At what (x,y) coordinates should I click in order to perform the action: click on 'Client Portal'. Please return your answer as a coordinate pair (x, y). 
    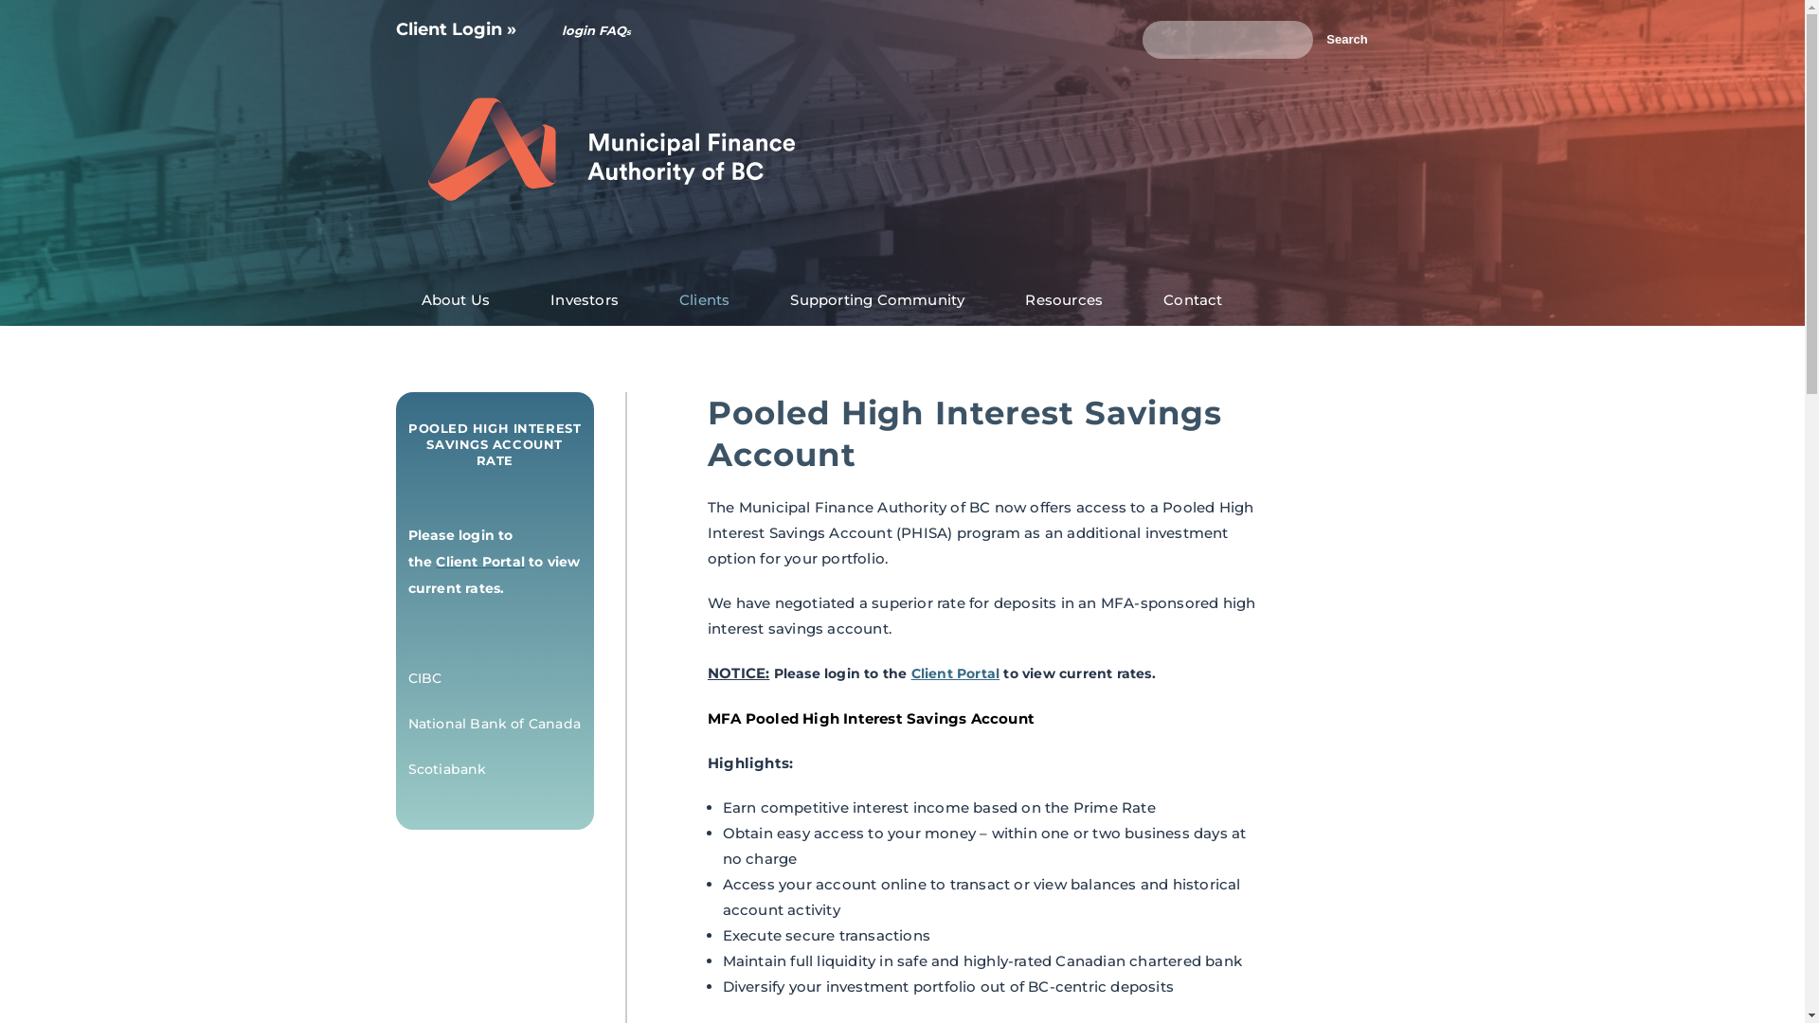
    Looking at the image, I should click on (955, 672).